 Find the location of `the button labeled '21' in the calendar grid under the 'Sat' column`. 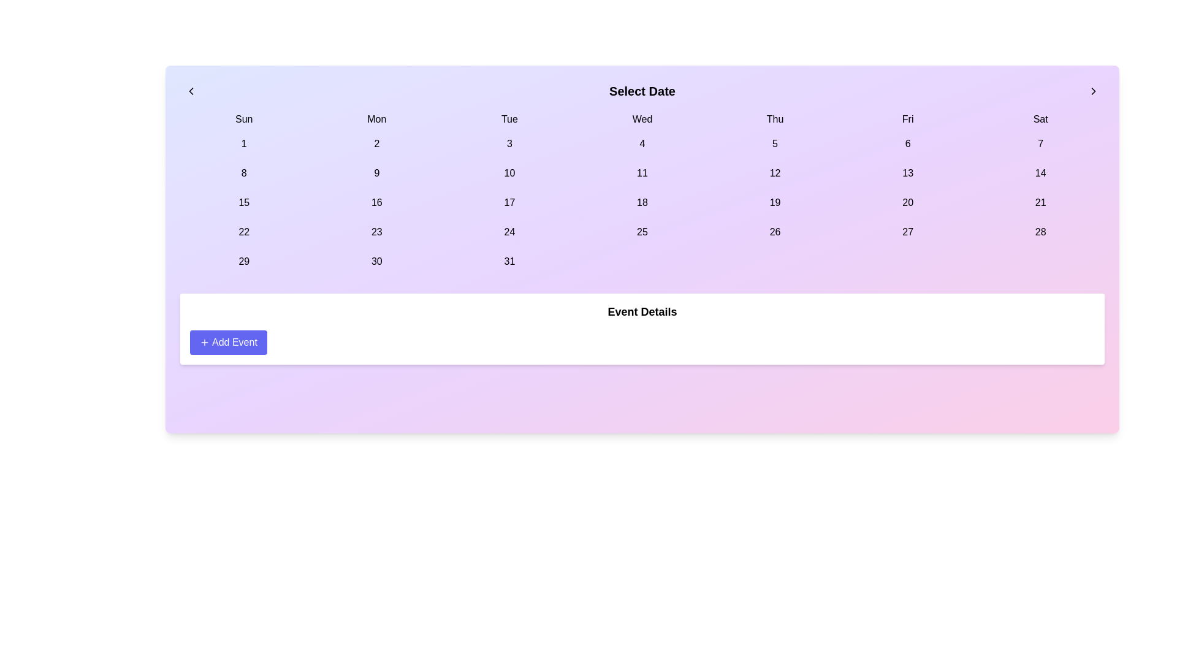

the button labeled '21' in the calendar grid under the 'Sat' column is located at coordinates (1040, 202).